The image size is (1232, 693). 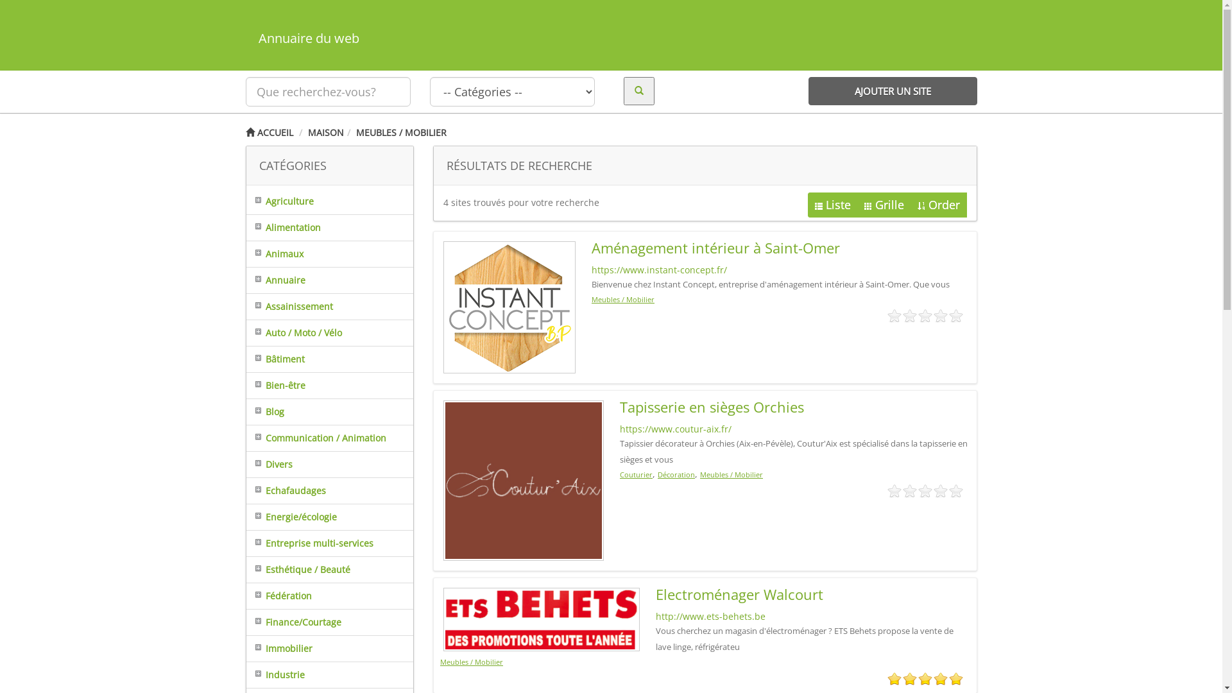 I want to click on 'Annuaire du web', so click(x=245, y=38).